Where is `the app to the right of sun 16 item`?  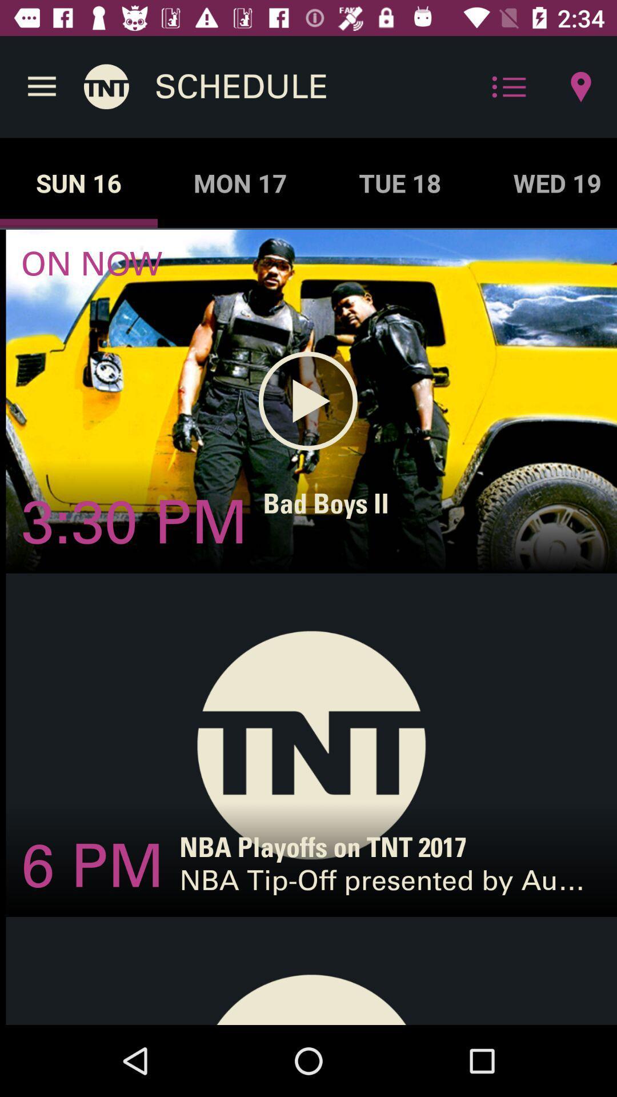 the app to the right of sun 16 item is located at coordinates (239, 183).